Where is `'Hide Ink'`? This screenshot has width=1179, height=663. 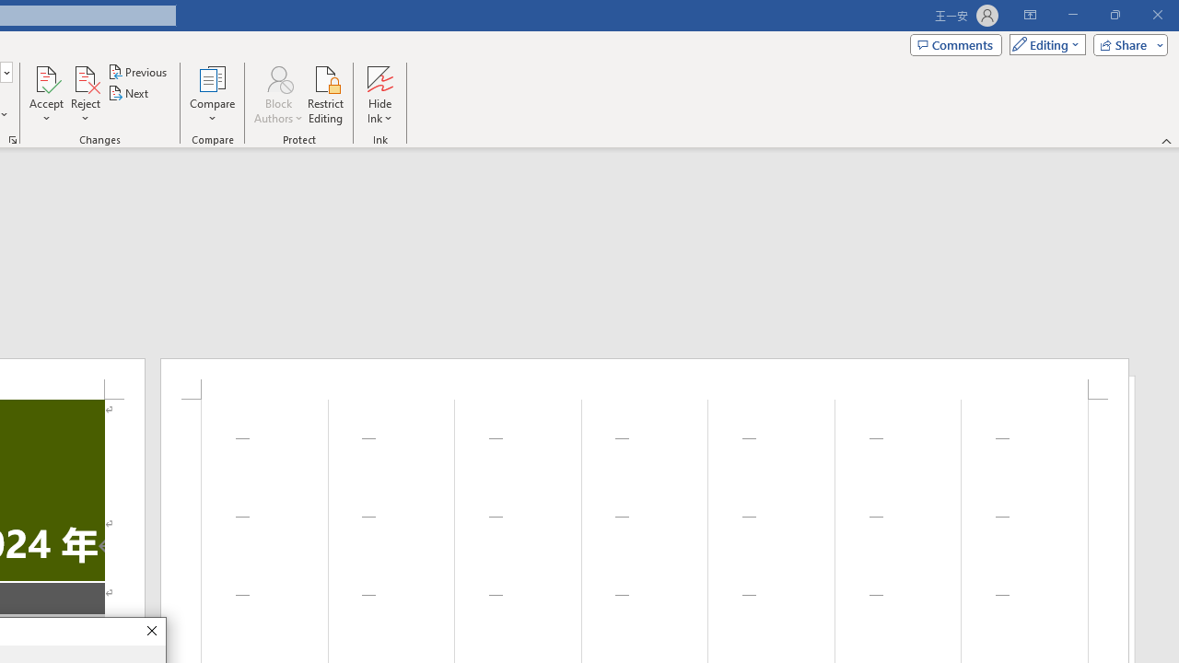
'Hide Ink' is located at coordinates (379, 77).